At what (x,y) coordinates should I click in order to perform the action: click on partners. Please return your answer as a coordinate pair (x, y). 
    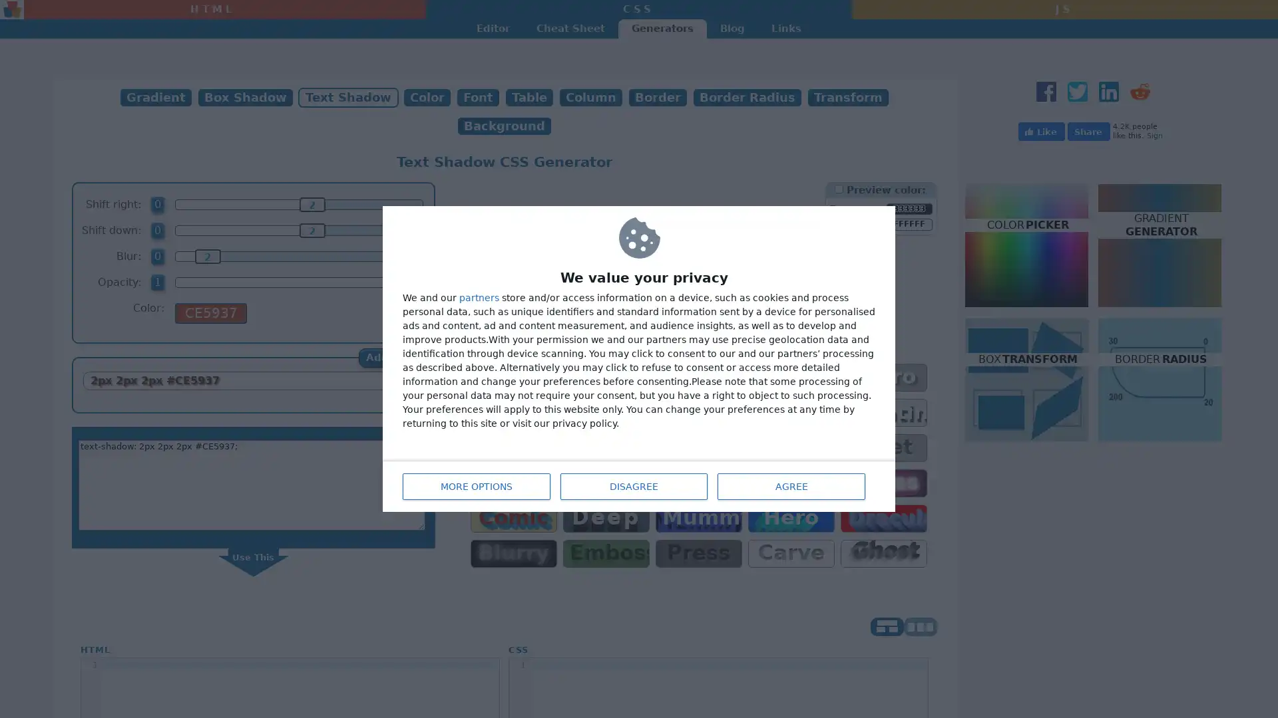
    Looking at the image, I should click on (479, 297).